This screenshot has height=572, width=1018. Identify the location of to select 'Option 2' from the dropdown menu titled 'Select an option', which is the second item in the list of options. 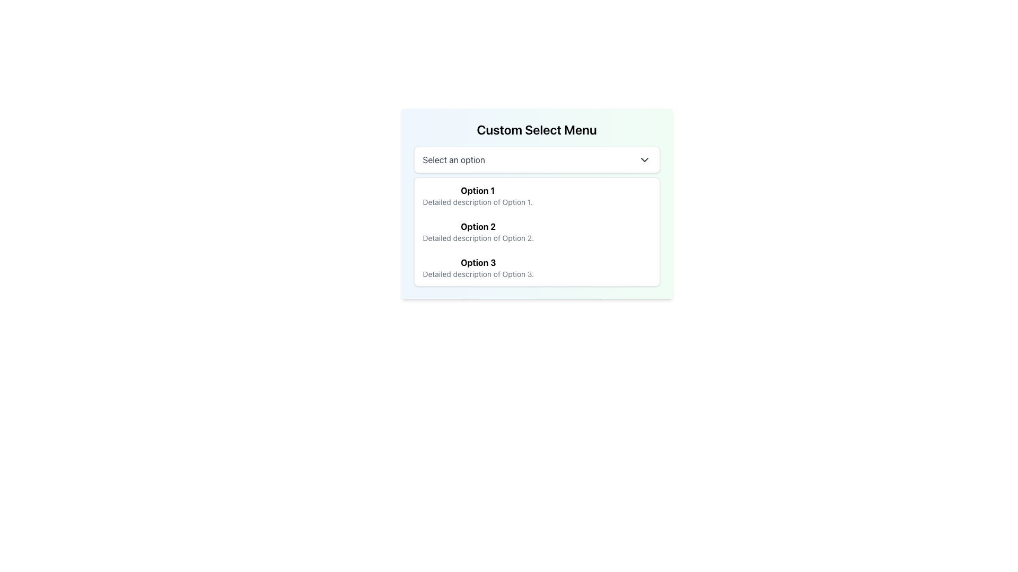
(537, 216).